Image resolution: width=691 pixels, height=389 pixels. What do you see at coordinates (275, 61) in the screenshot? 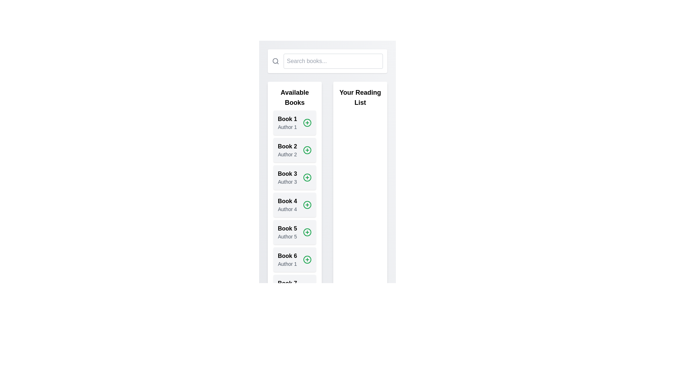
I see `the magnifying glass icon, which represents the search function and is positioned to the left of the 'Search books...' text input field` at bounding box center [275, 61].